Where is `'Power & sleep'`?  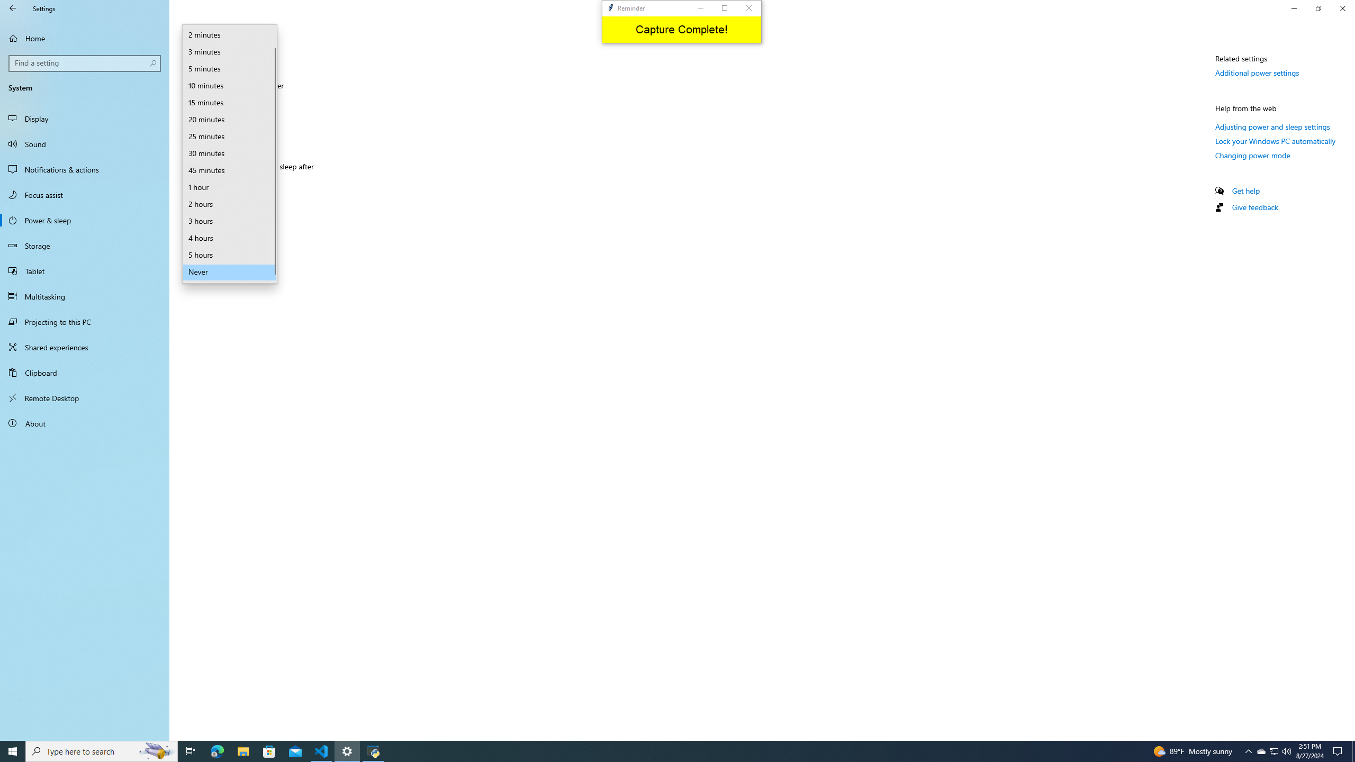
'Power & sleep' is located at coordinates (84, 220).